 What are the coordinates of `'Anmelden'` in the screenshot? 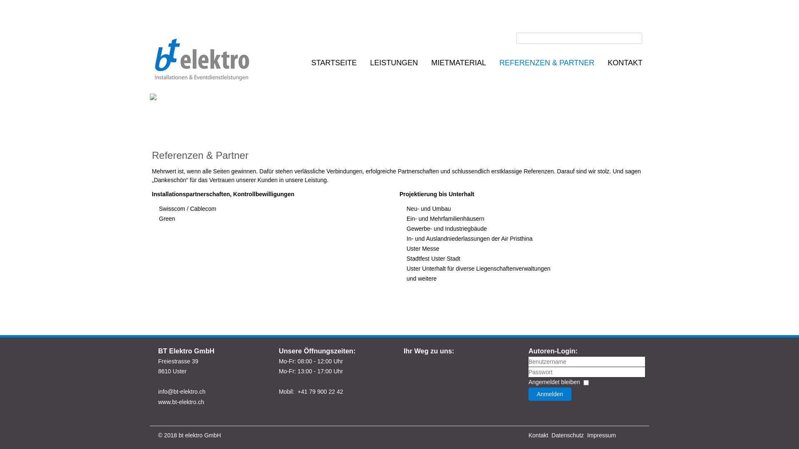 It's located at (550, 394).